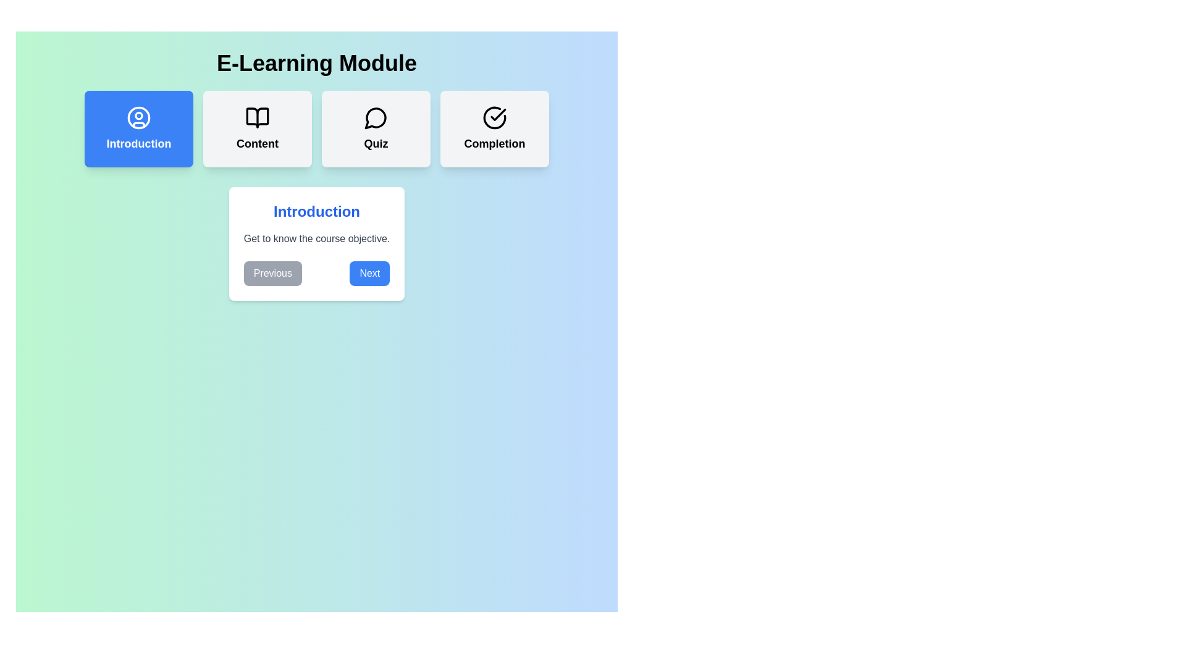 Image resolution: width=1186 pixels, height=667 pixels. Describe the element at coordinates (369, 273) in the screenshot. I see `'Next' button to navigate to the next learning step` at that location.